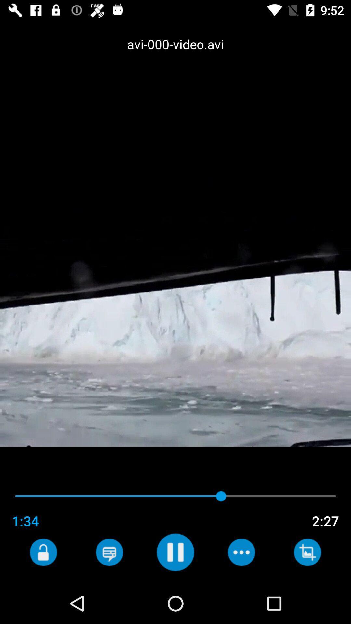  Describe the element at coordinates (307, 552) in the screenshot. I see `resize video` at that location.